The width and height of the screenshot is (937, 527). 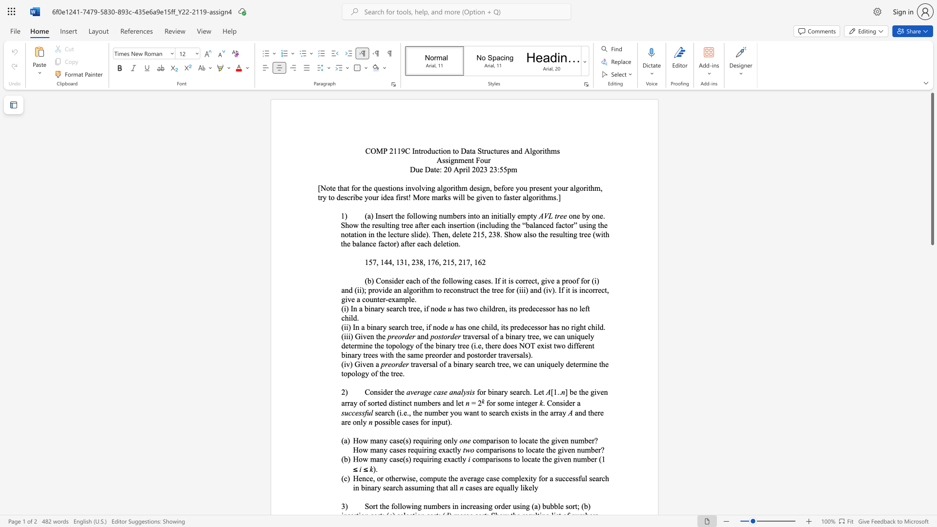 I want to click on the subset text "exity for a successful search in binary search assuming t" within the text "Hence, or otherwise, compute the average case complexity for a successful search in binary search assuming that all", so click(x=520, y=478).